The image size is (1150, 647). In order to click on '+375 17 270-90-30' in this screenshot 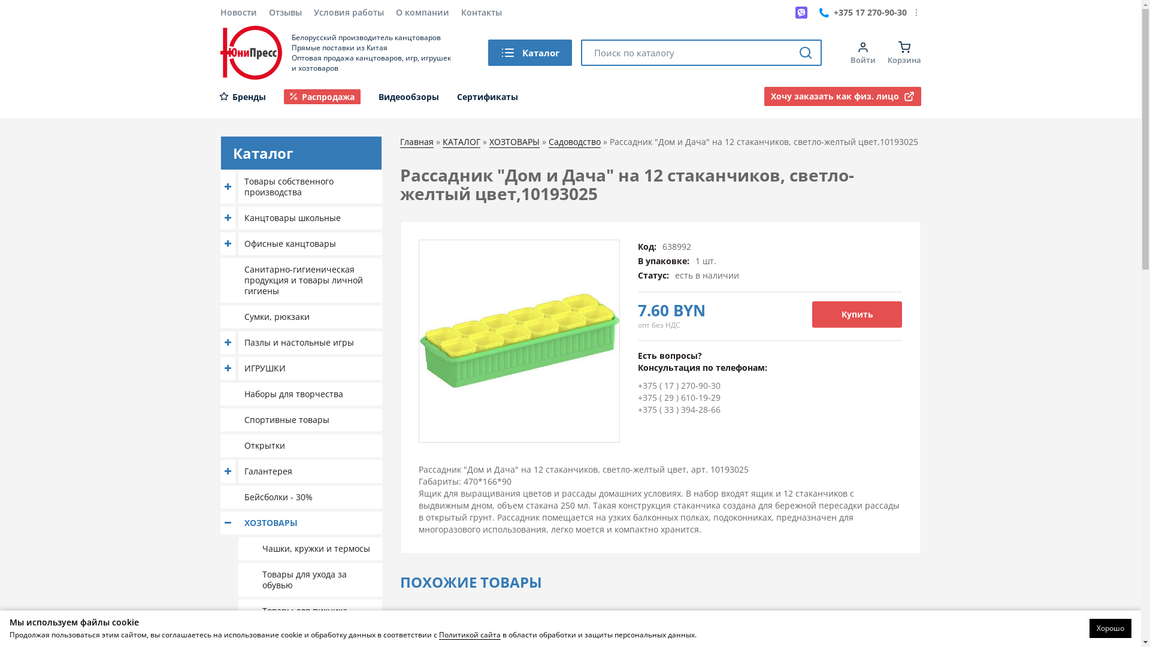, I will do `click(862, 12)`.